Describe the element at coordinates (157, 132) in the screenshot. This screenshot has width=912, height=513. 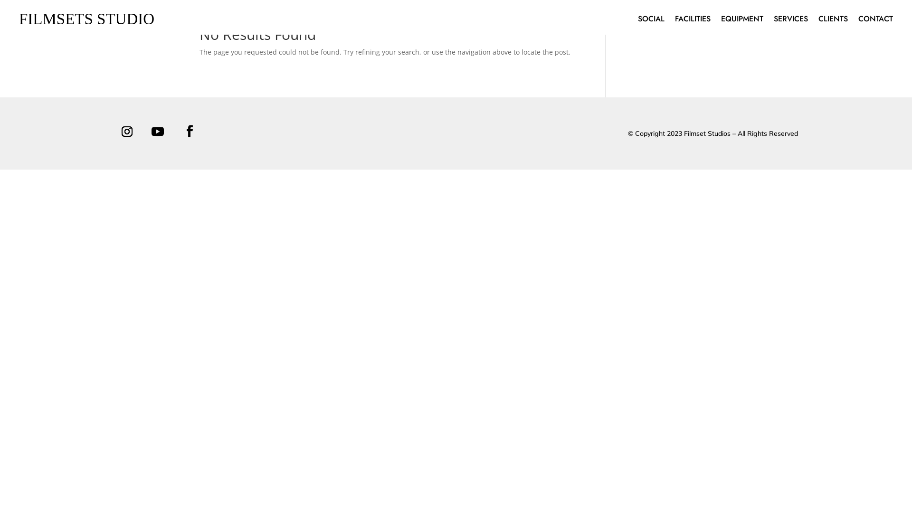
I see `'Follow on Youtube'` at that location.